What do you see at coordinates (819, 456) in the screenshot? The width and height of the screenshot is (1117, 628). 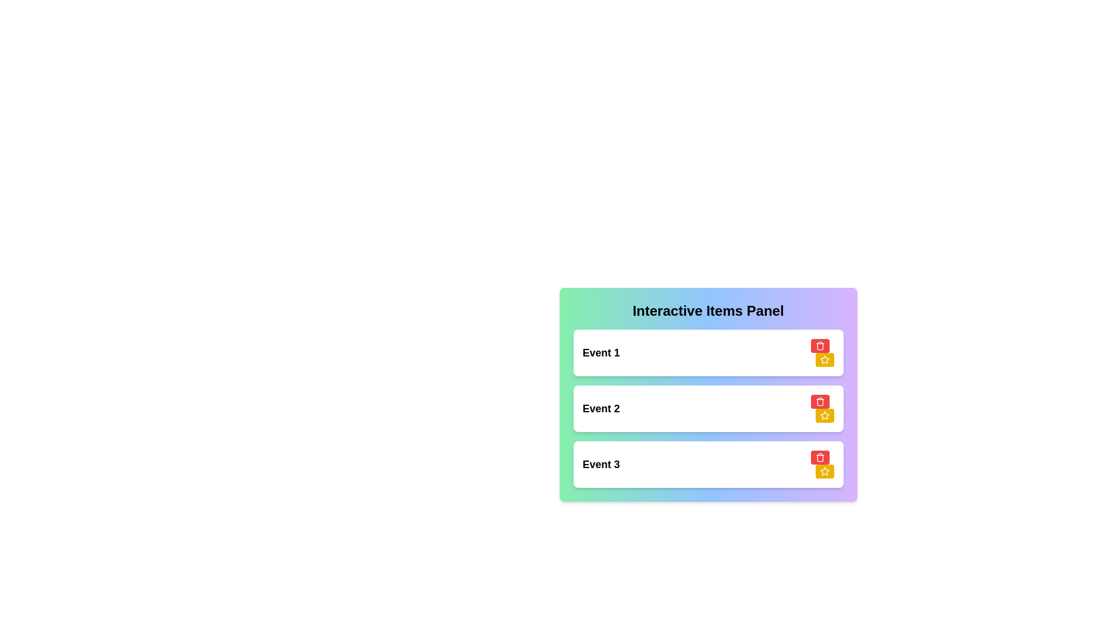 I see `the trash can icon button, styled in a red square background, located on the right-hand side of 'Event 2'` at bounding box center [819, 456].